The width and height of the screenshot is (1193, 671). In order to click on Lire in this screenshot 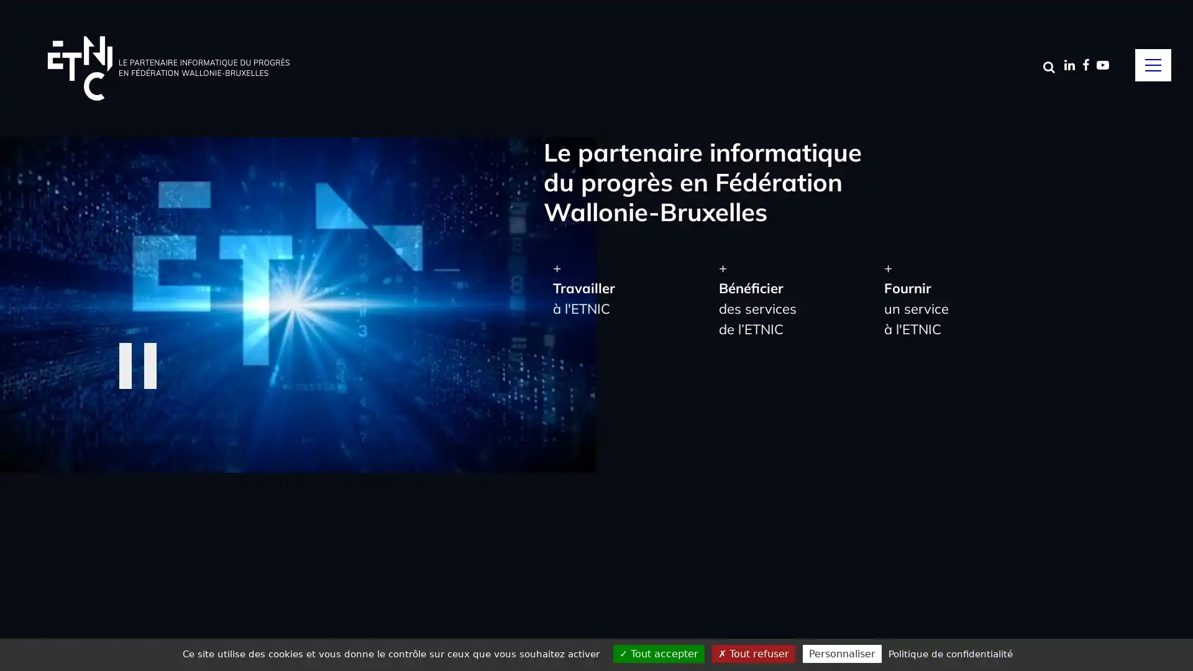, I will do `click(142, 364)`.